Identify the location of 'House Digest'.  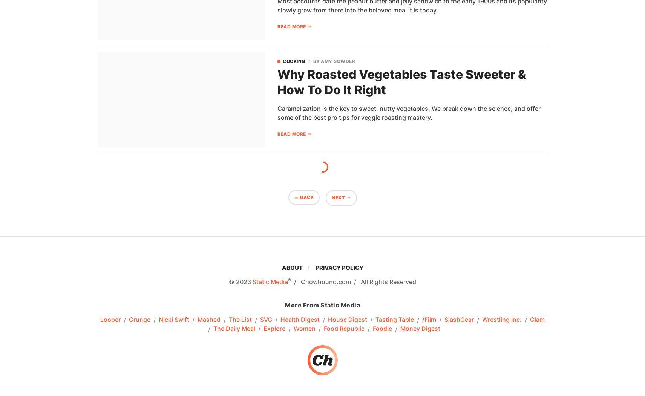
(348, 320).